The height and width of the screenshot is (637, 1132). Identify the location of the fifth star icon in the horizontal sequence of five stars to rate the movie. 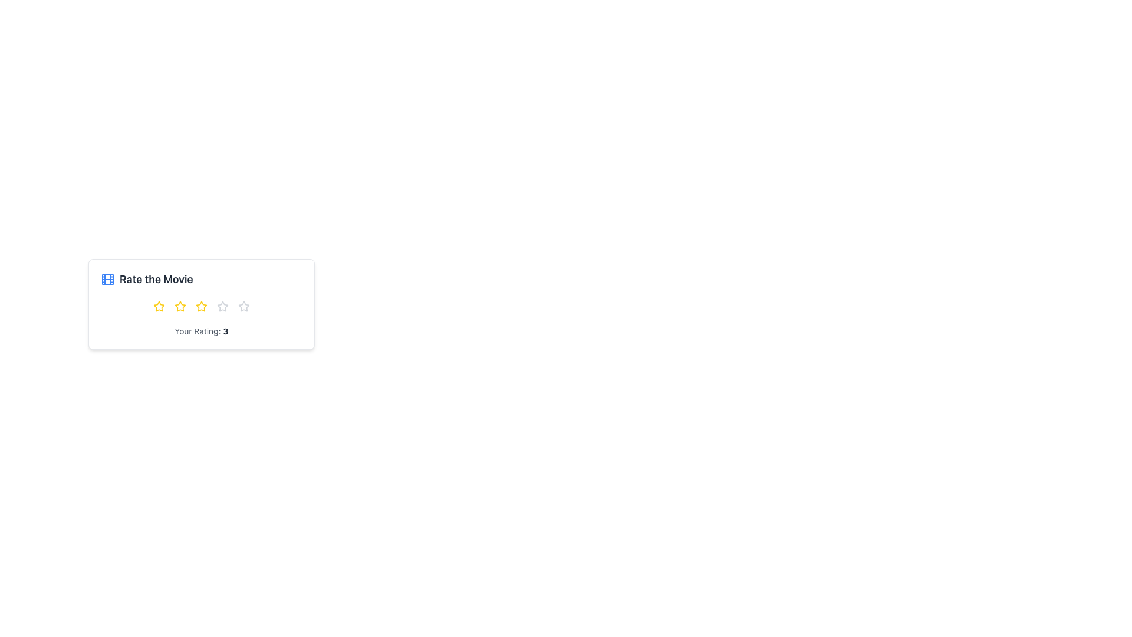
(243, 306).